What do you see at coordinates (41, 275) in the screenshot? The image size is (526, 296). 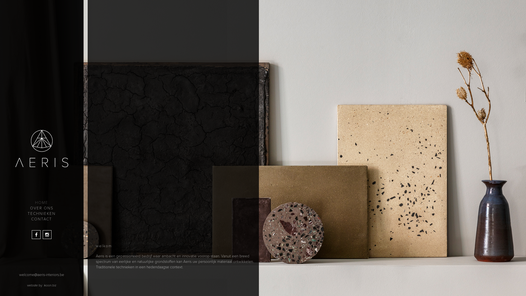 I see `'welcome@aeris-interiors.be'` at bounding box center [41, 275].